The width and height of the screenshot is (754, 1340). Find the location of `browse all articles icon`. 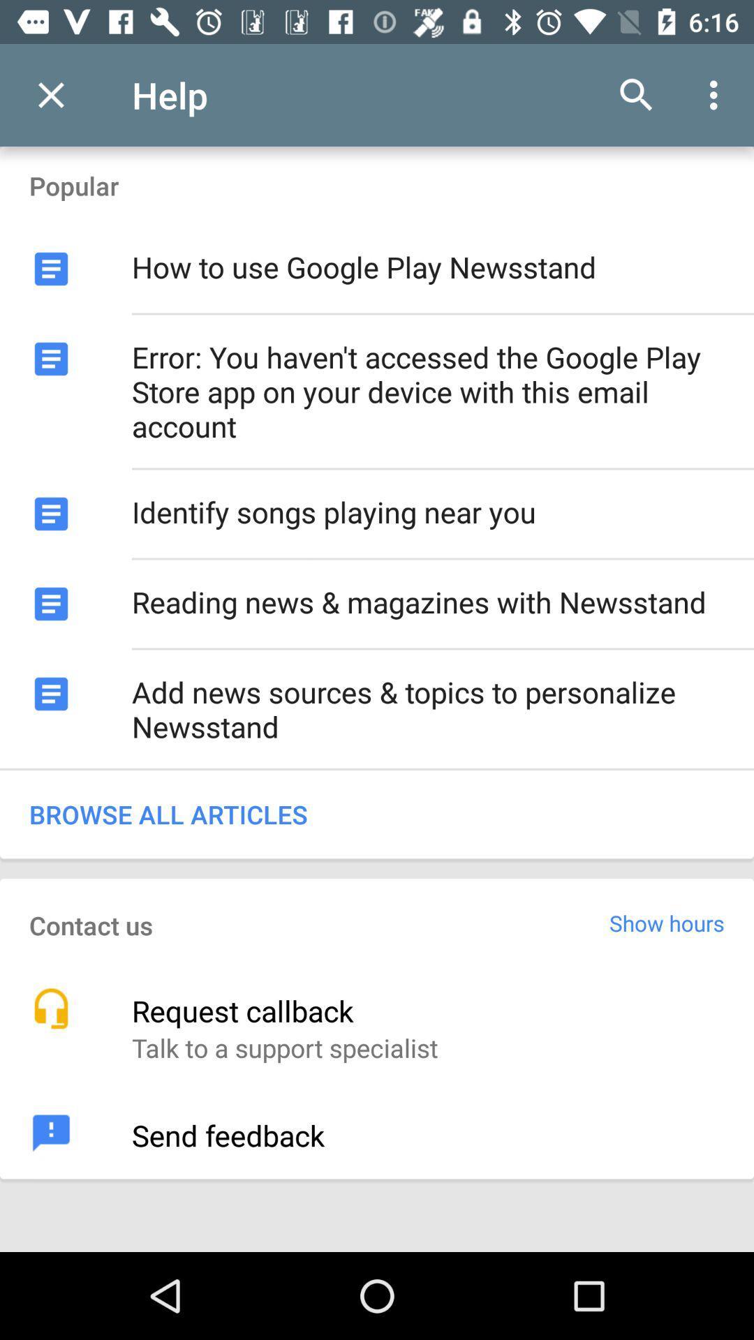

browse all articles icon is located at coordinates (377, 814).